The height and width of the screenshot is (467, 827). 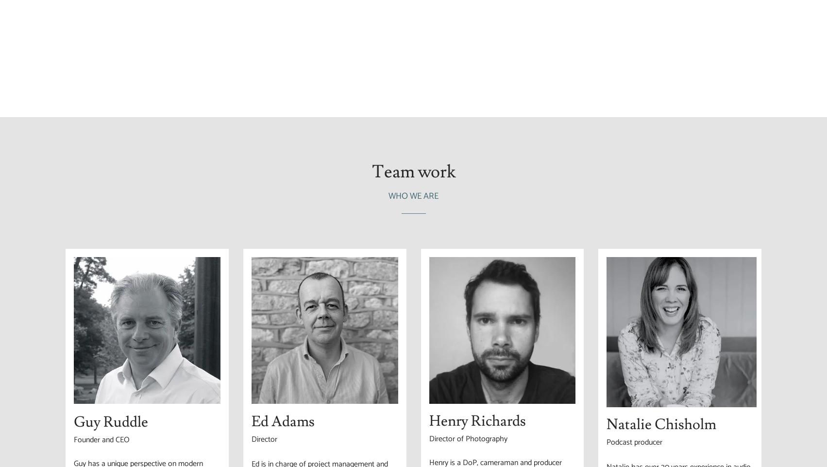 I want to click on 'Podcast producer', so click(x=634, y=442).